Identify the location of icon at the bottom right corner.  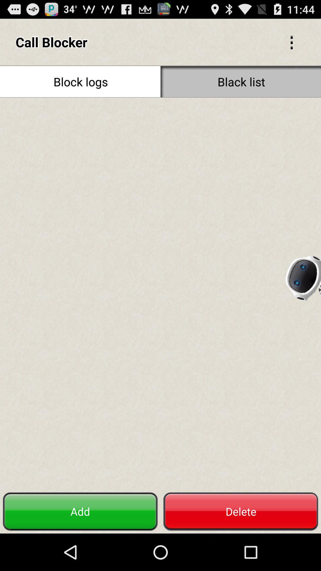
(241, 511).